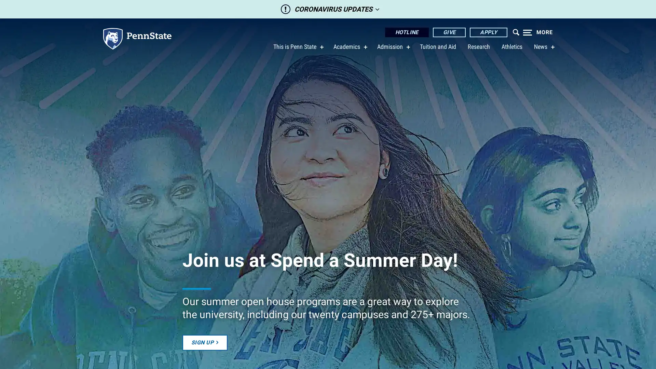  What do you see at coordinates (362, 47) in the screenshot?
I see `show submenu for Academics` at bounding box center [362, 47].